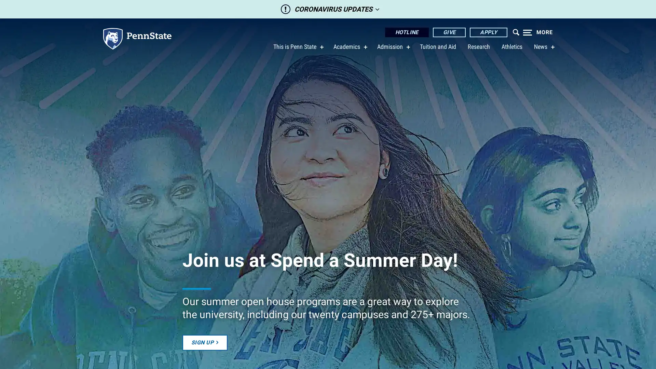  What do you see at coordinates (362, 47) in the screenshot?
I see `show submenu for Academics` at bounding box center [362, 47].